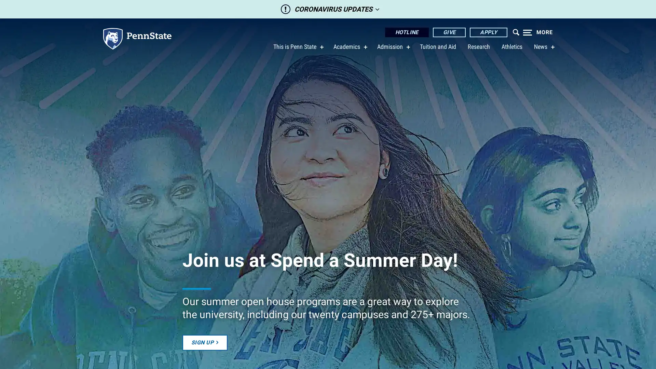  What do you see at coordinates (362, 47) in the screenshot?
I see `show submenu for Academics` at bounding box center [362, 47].